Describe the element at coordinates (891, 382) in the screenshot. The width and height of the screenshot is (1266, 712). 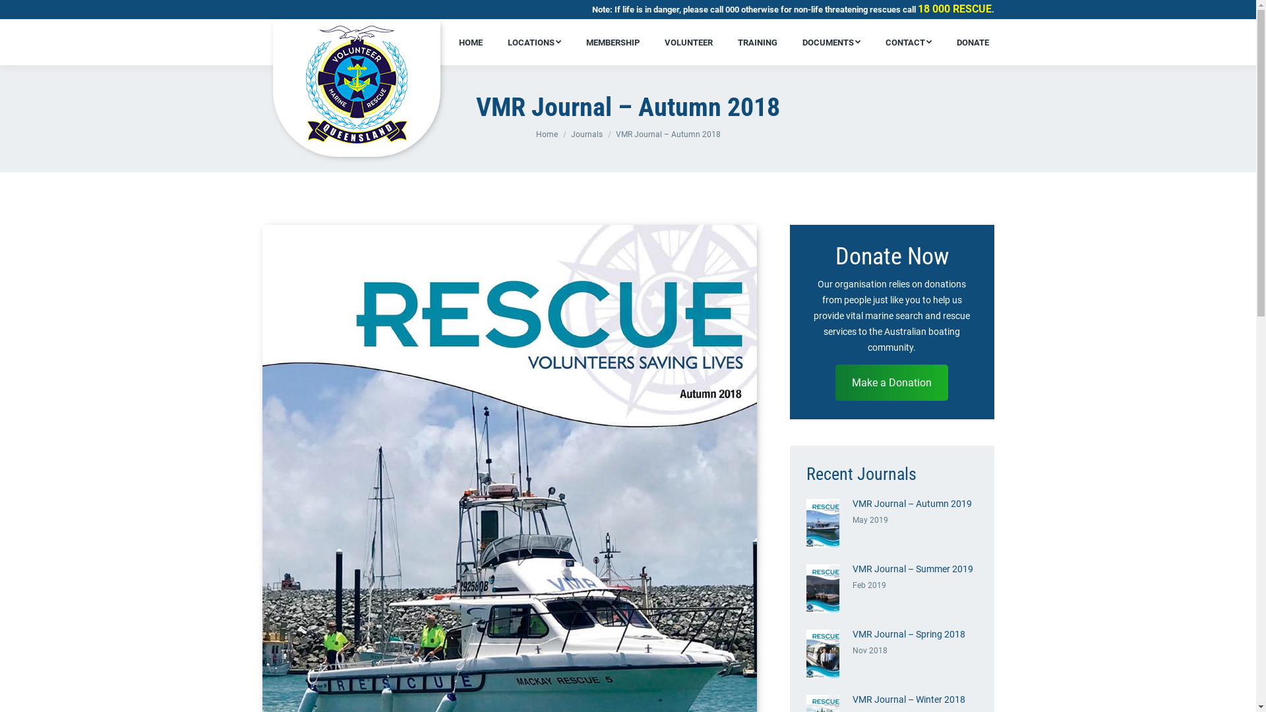
I see `'Make a Donation'` at that location.